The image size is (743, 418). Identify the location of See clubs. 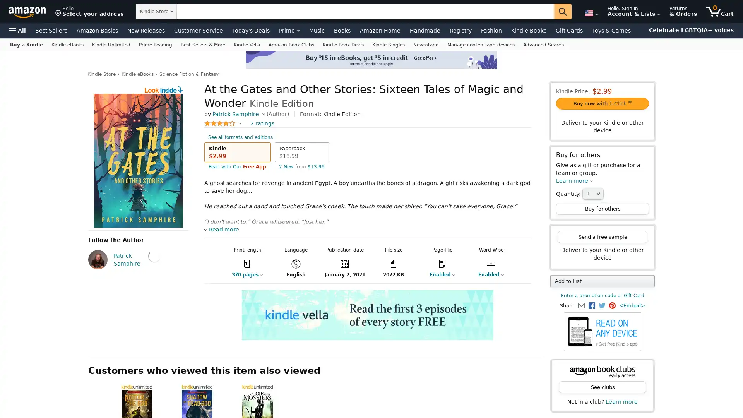
(602, 387).